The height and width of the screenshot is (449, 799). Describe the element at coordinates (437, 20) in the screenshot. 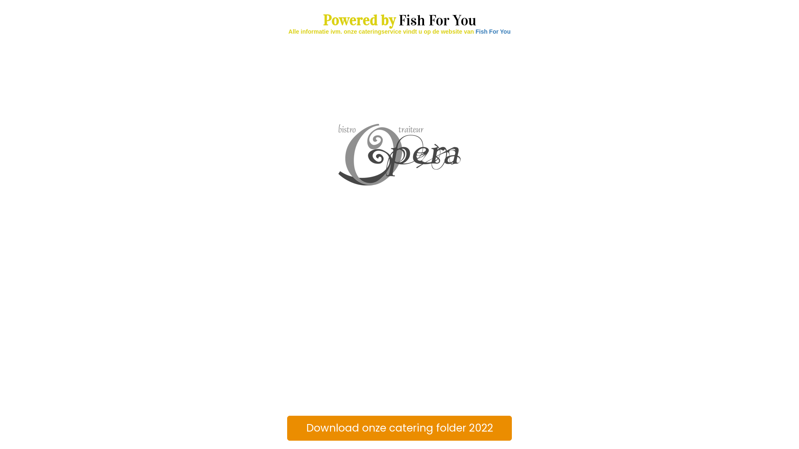

I see `'Fish For You'` at that location.